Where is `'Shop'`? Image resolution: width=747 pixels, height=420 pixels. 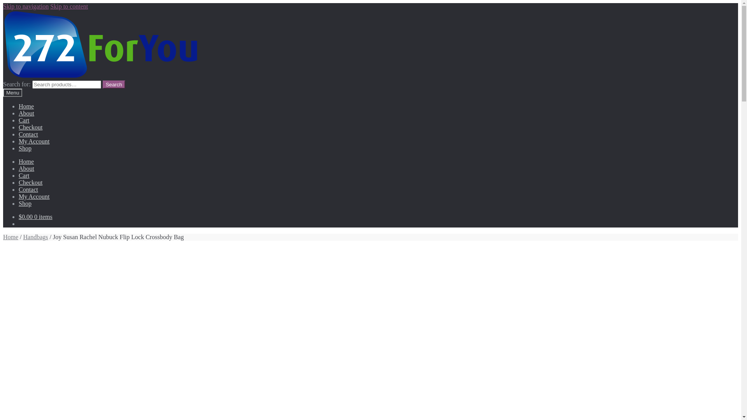 'Shop' is located at coordinates (19, 148).